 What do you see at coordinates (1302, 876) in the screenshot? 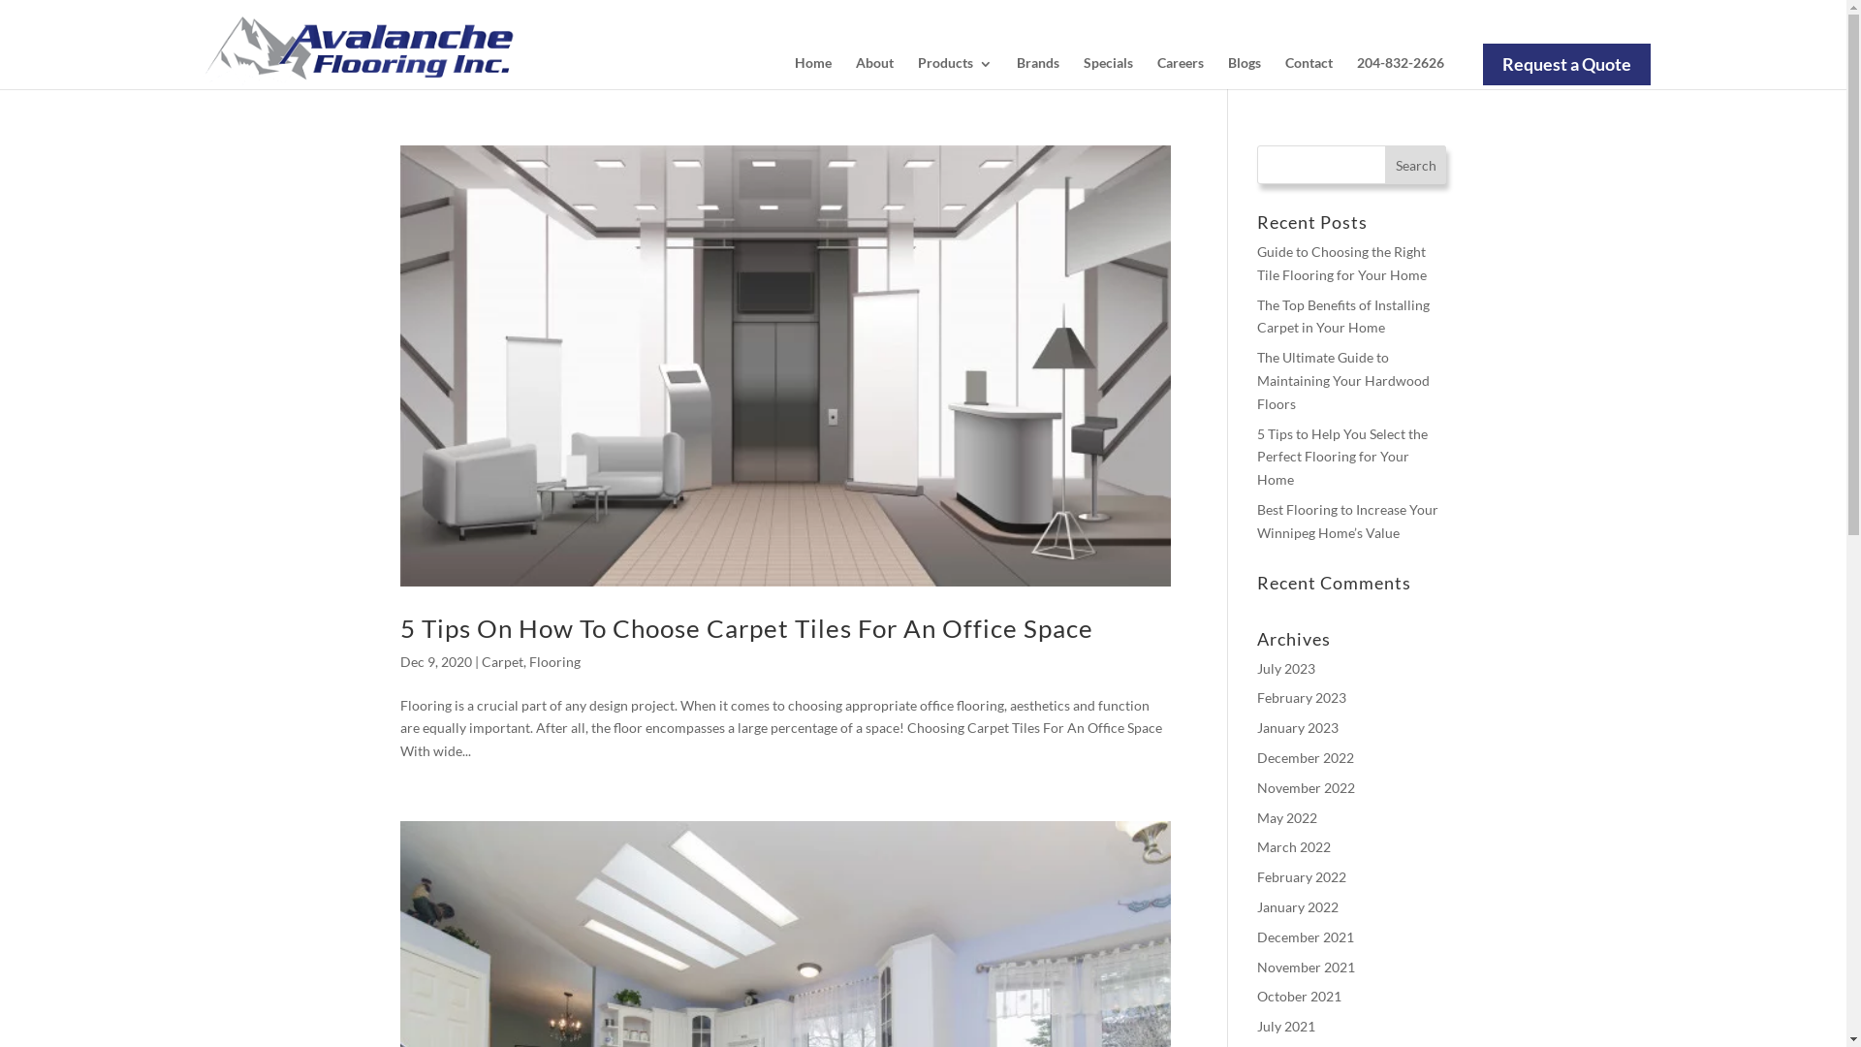
I see `'February 2022'` at bounding box center [1302, 876].